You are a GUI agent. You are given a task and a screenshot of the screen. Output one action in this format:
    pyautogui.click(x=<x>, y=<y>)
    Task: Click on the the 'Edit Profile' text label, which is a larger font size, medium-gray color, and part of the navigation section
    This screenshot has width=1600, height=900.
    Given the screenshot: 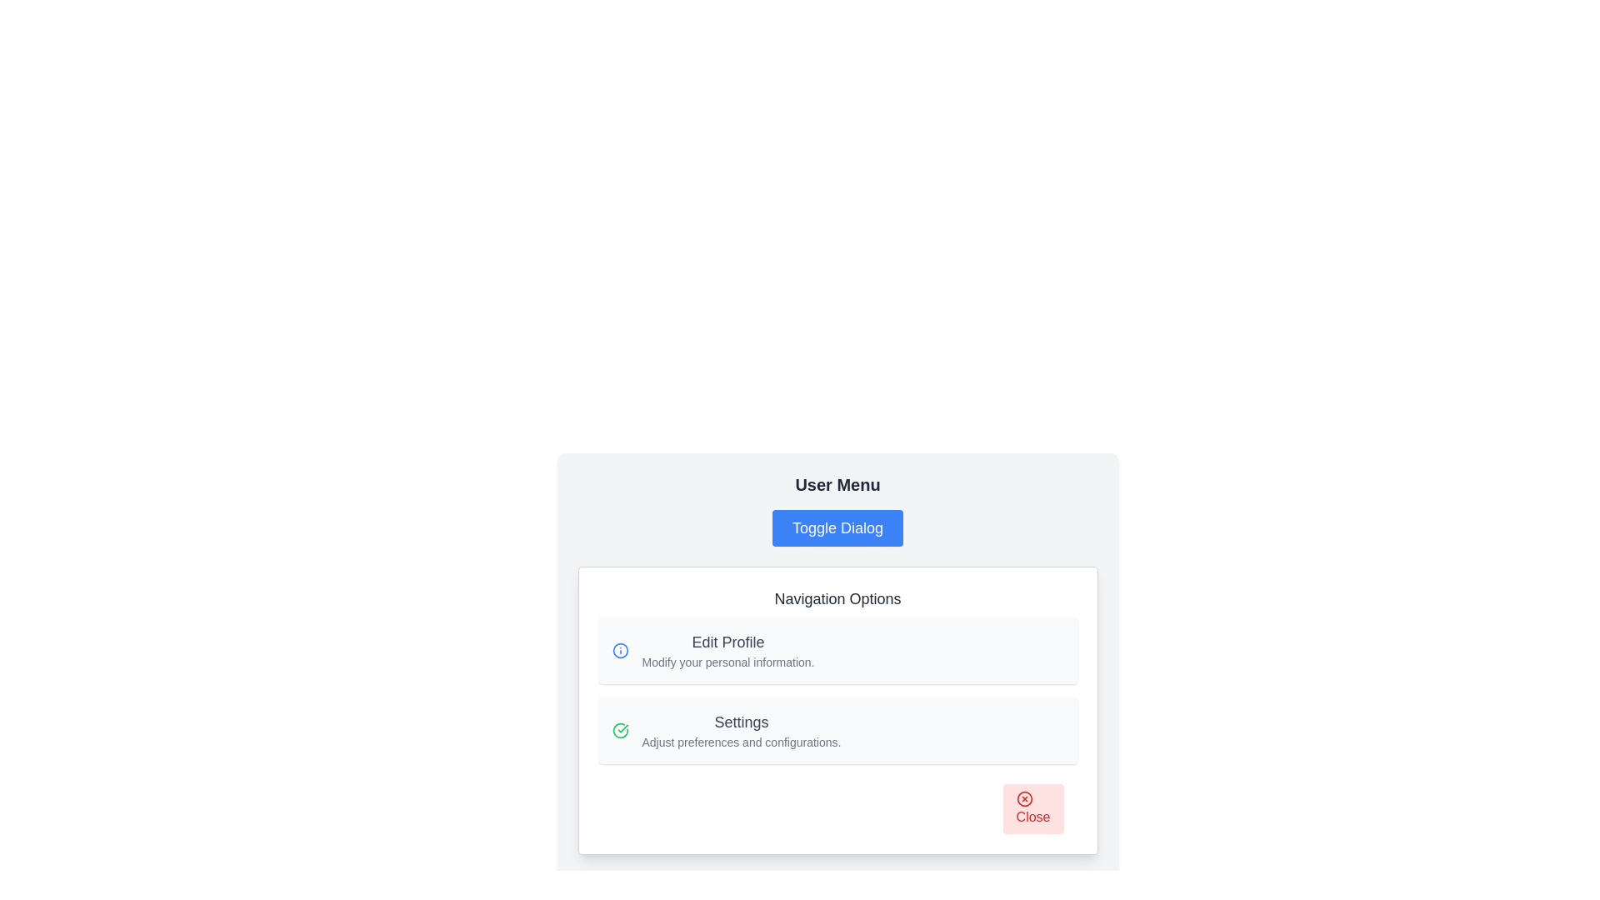 What is the action you would take?
    pyautogui.click(x=727, y=642)
    